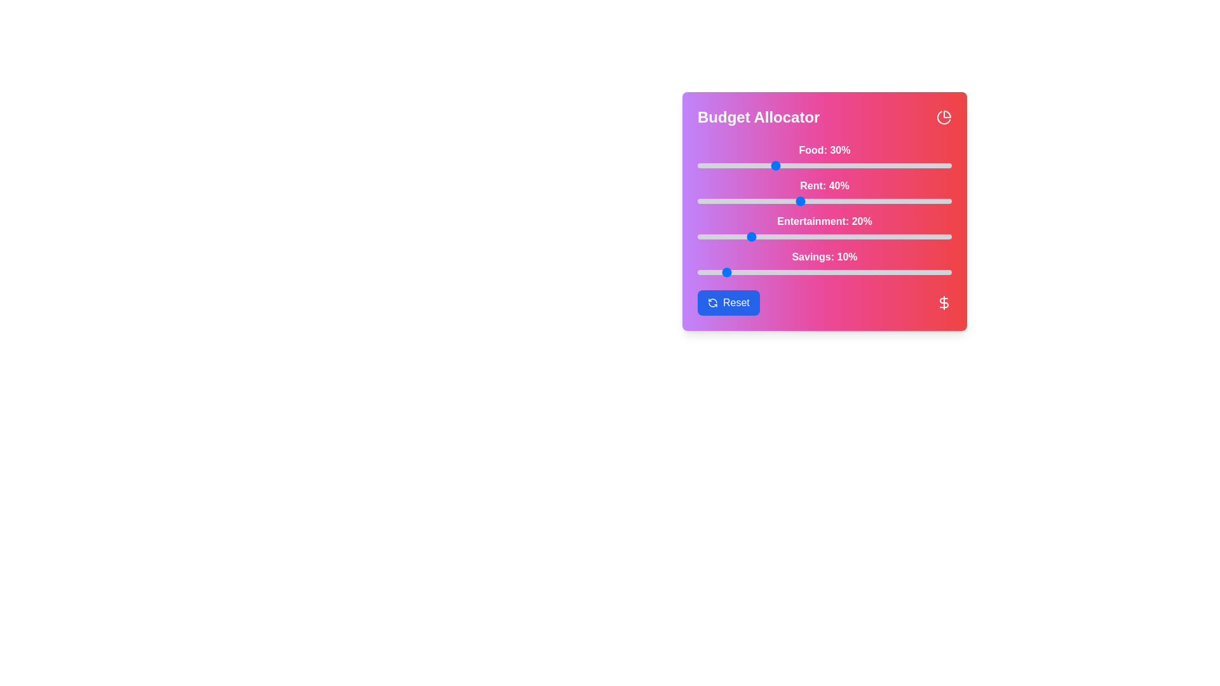 The height and width of the screenshot is (686, 1220). Describe the element at coordinates (902, 237) in the screenshot. I see `the slider value` at that location.